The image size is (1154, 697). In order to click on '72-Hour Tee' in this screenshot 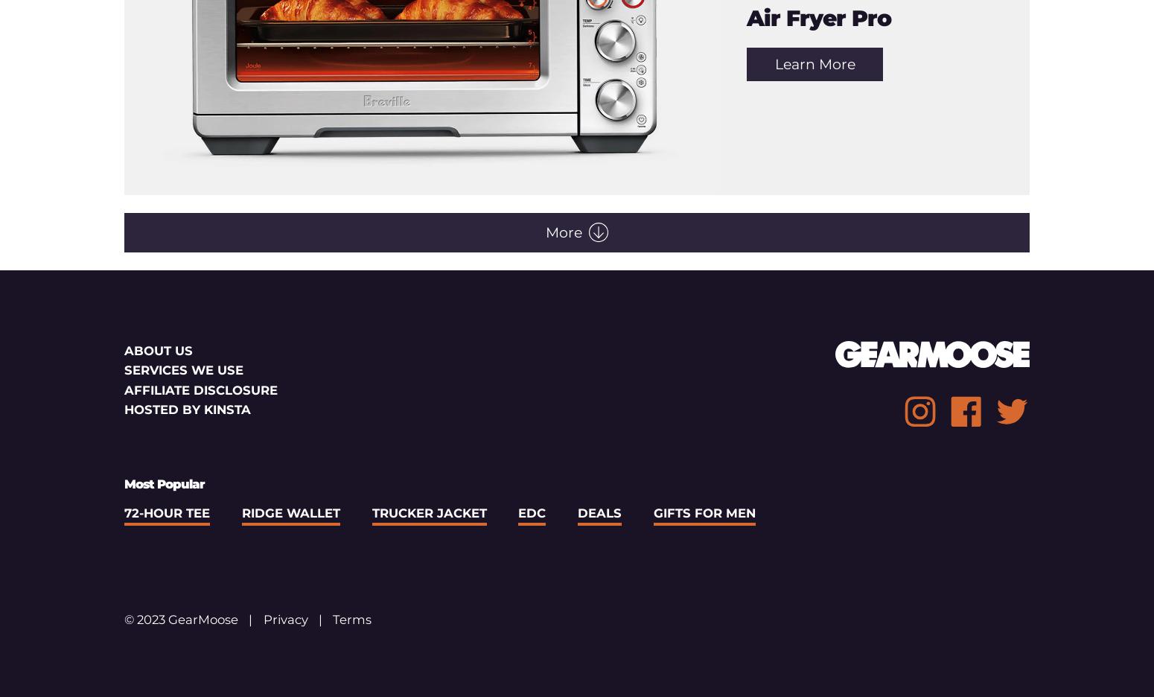, I will do `click(166, 512)`.